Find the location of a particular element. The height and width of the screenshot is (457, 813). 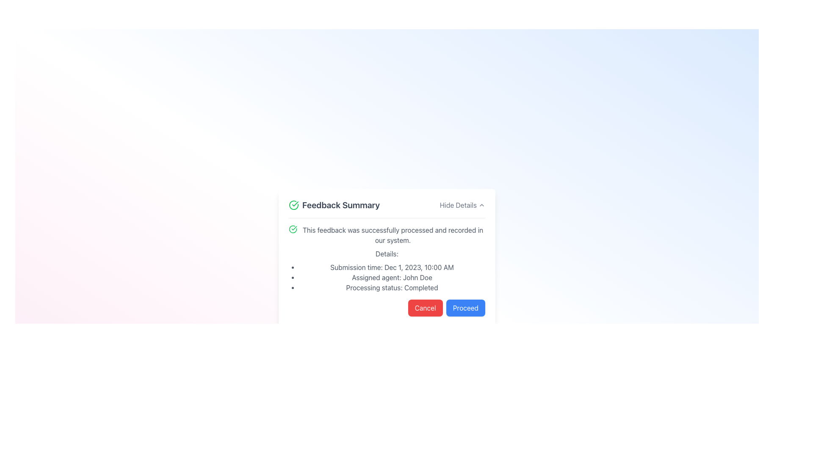

the confirmation button located at the bottom right of the modal section to change its background color is located at coordinates (465, 308).